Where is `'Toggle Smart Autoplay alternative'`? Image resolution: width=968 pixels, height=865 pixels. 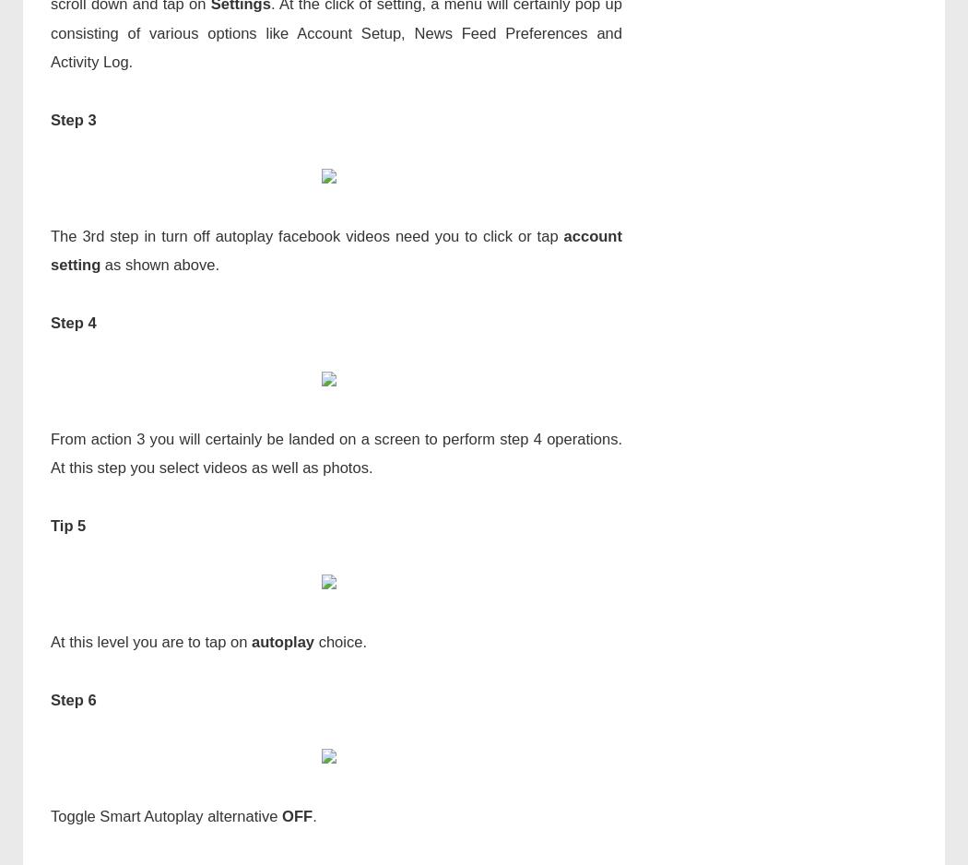 'Toggle Smart Autoplay alternative' is located at coordinates (166, 815).